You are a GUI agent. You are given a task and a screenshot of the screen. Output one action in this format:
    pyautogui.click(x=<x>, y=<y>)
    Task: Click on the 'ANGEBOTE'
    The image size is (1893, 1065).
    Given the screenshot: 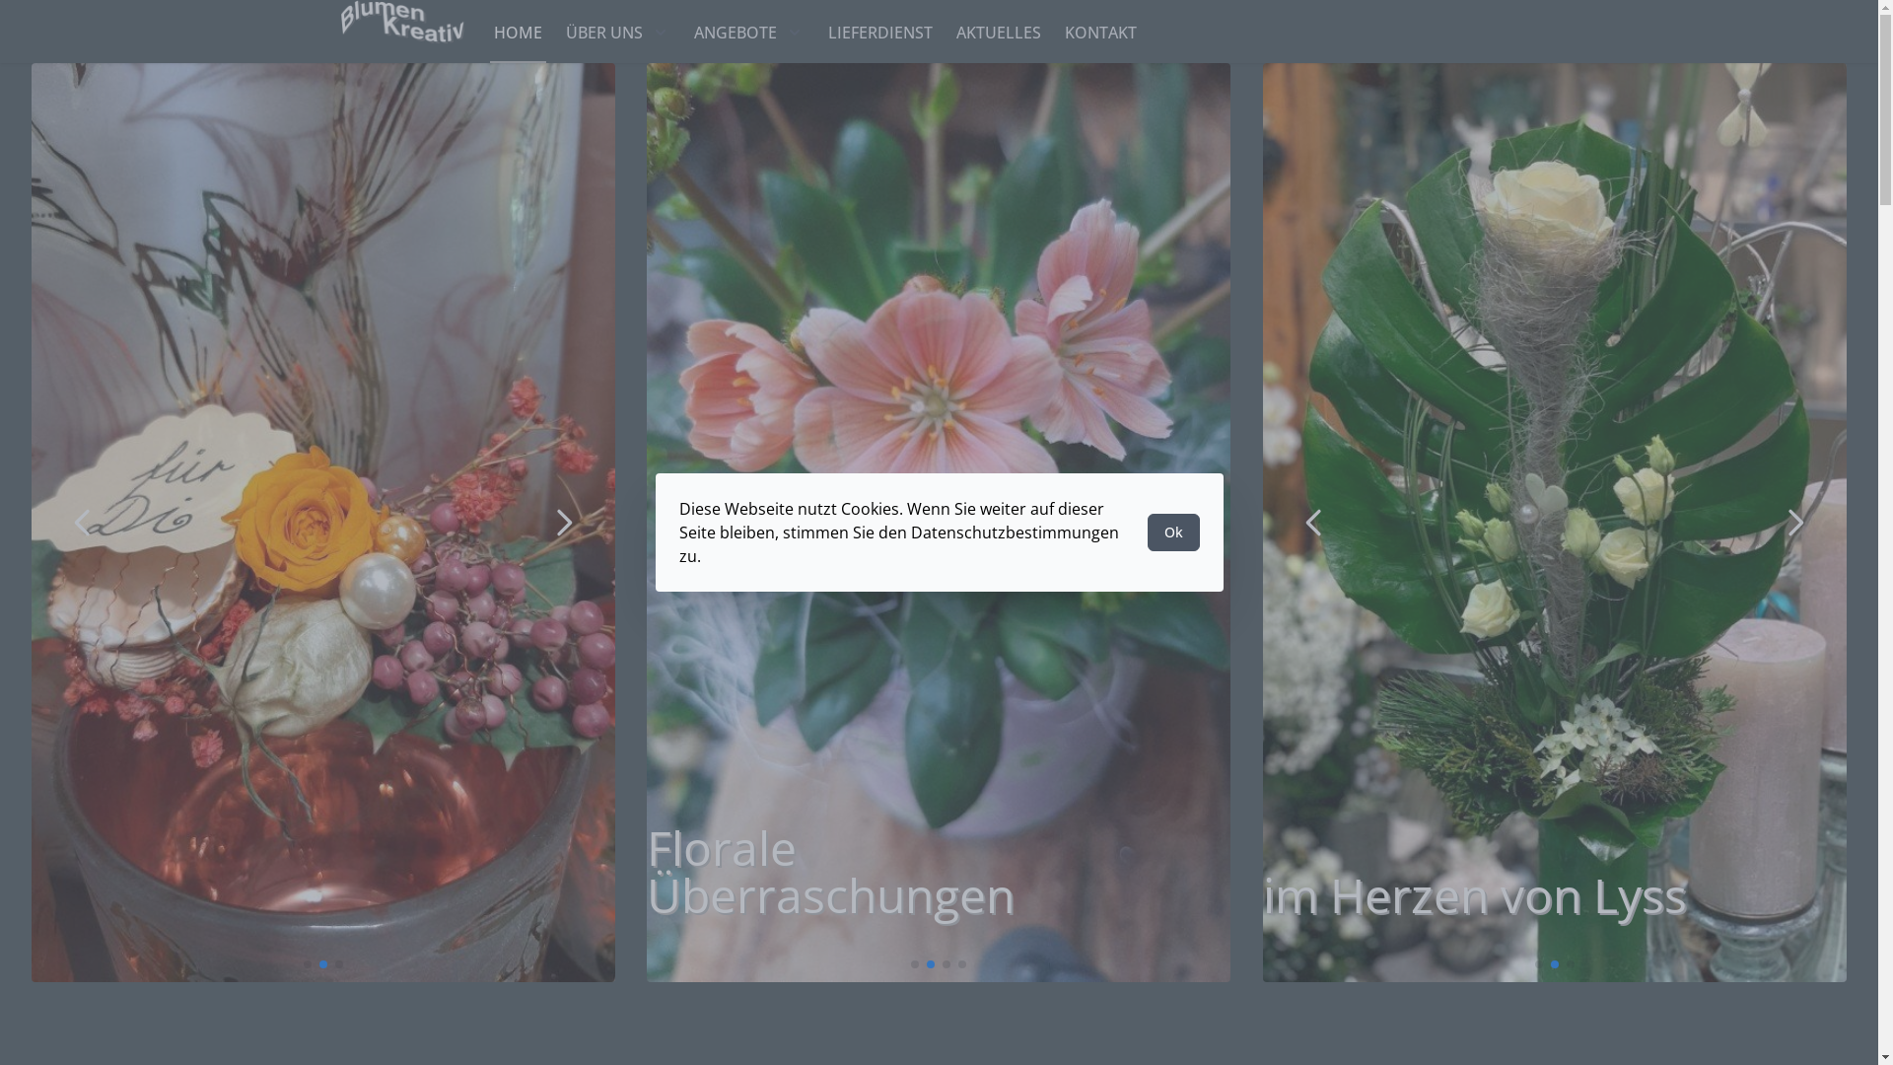 What is the action you would take?
    pyautogui.click(x=747, y=33)
    